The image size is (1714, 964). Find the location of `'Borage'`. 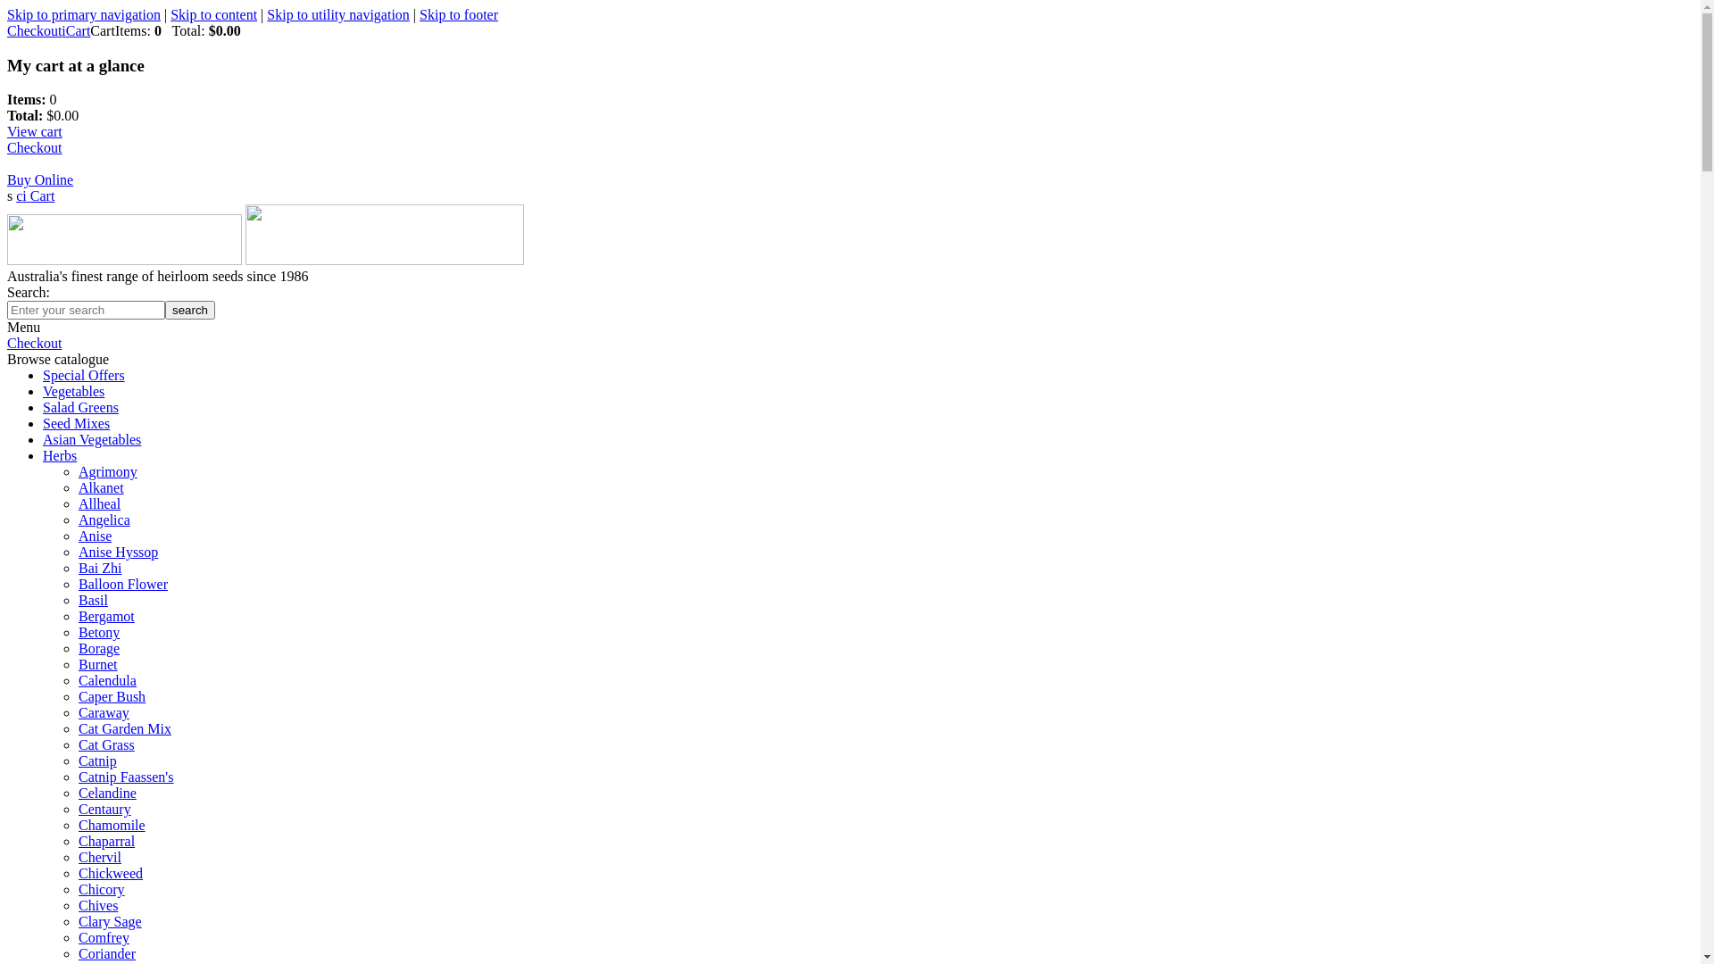

'Borage' is located at coordinates (97, 648).